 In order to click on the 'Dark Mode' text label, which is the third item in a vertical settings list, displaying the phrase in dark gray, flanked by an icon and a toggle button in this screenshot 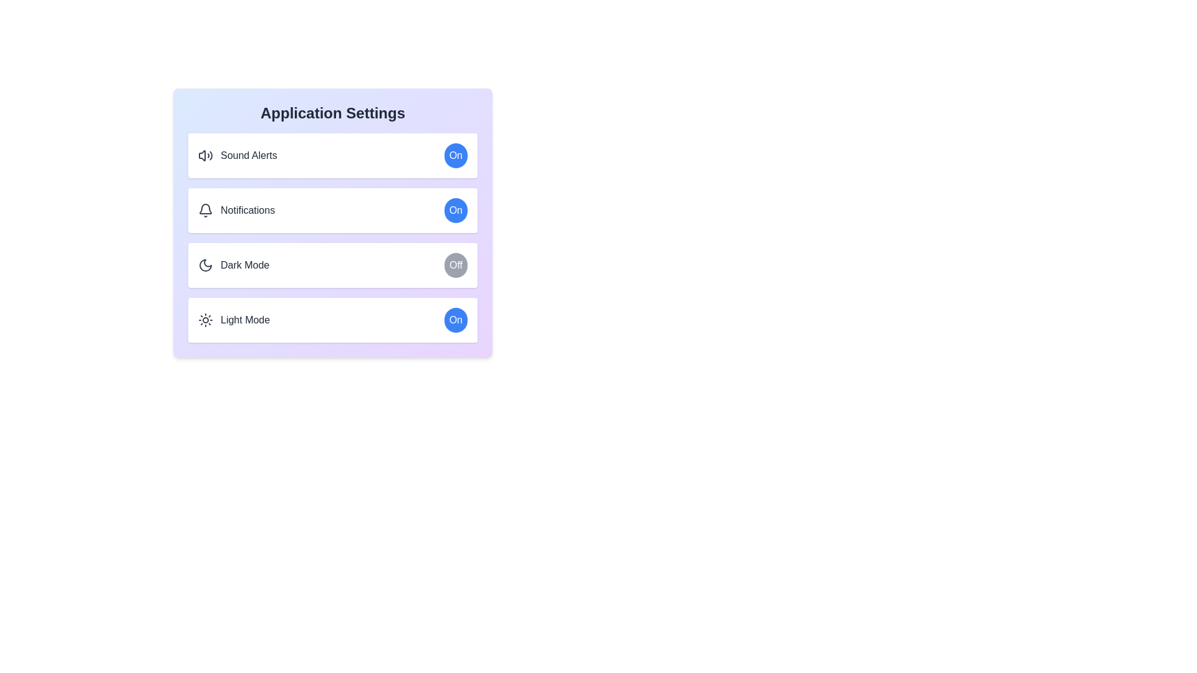, I will do `click(245, 264)`.